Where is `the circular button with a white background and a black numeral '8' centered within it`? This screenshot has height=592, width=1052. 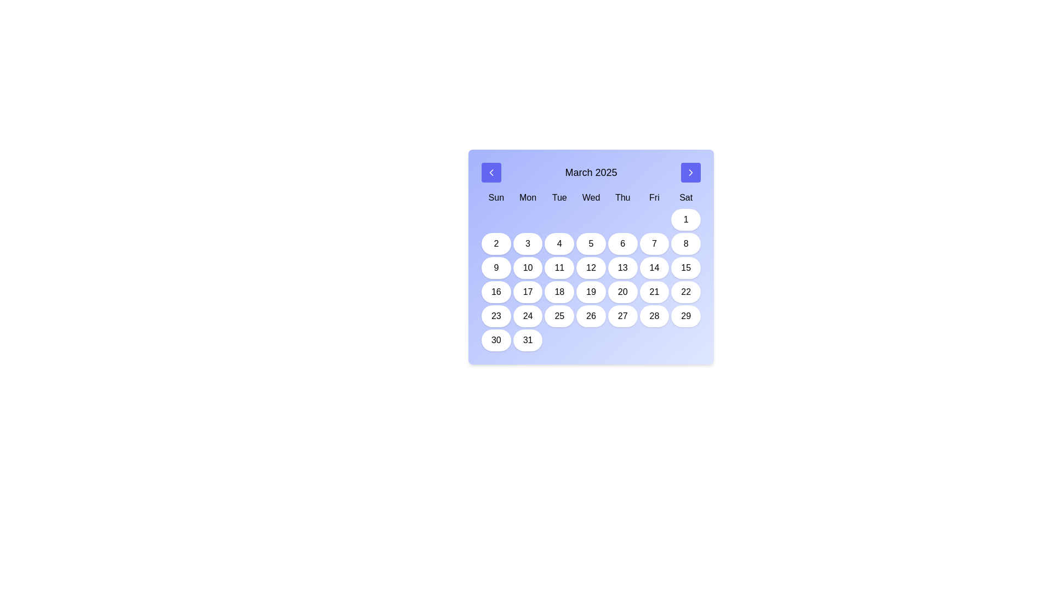 the circular button with a white background and a black numeral '8' centered within it is located at coordinates (685, 243).